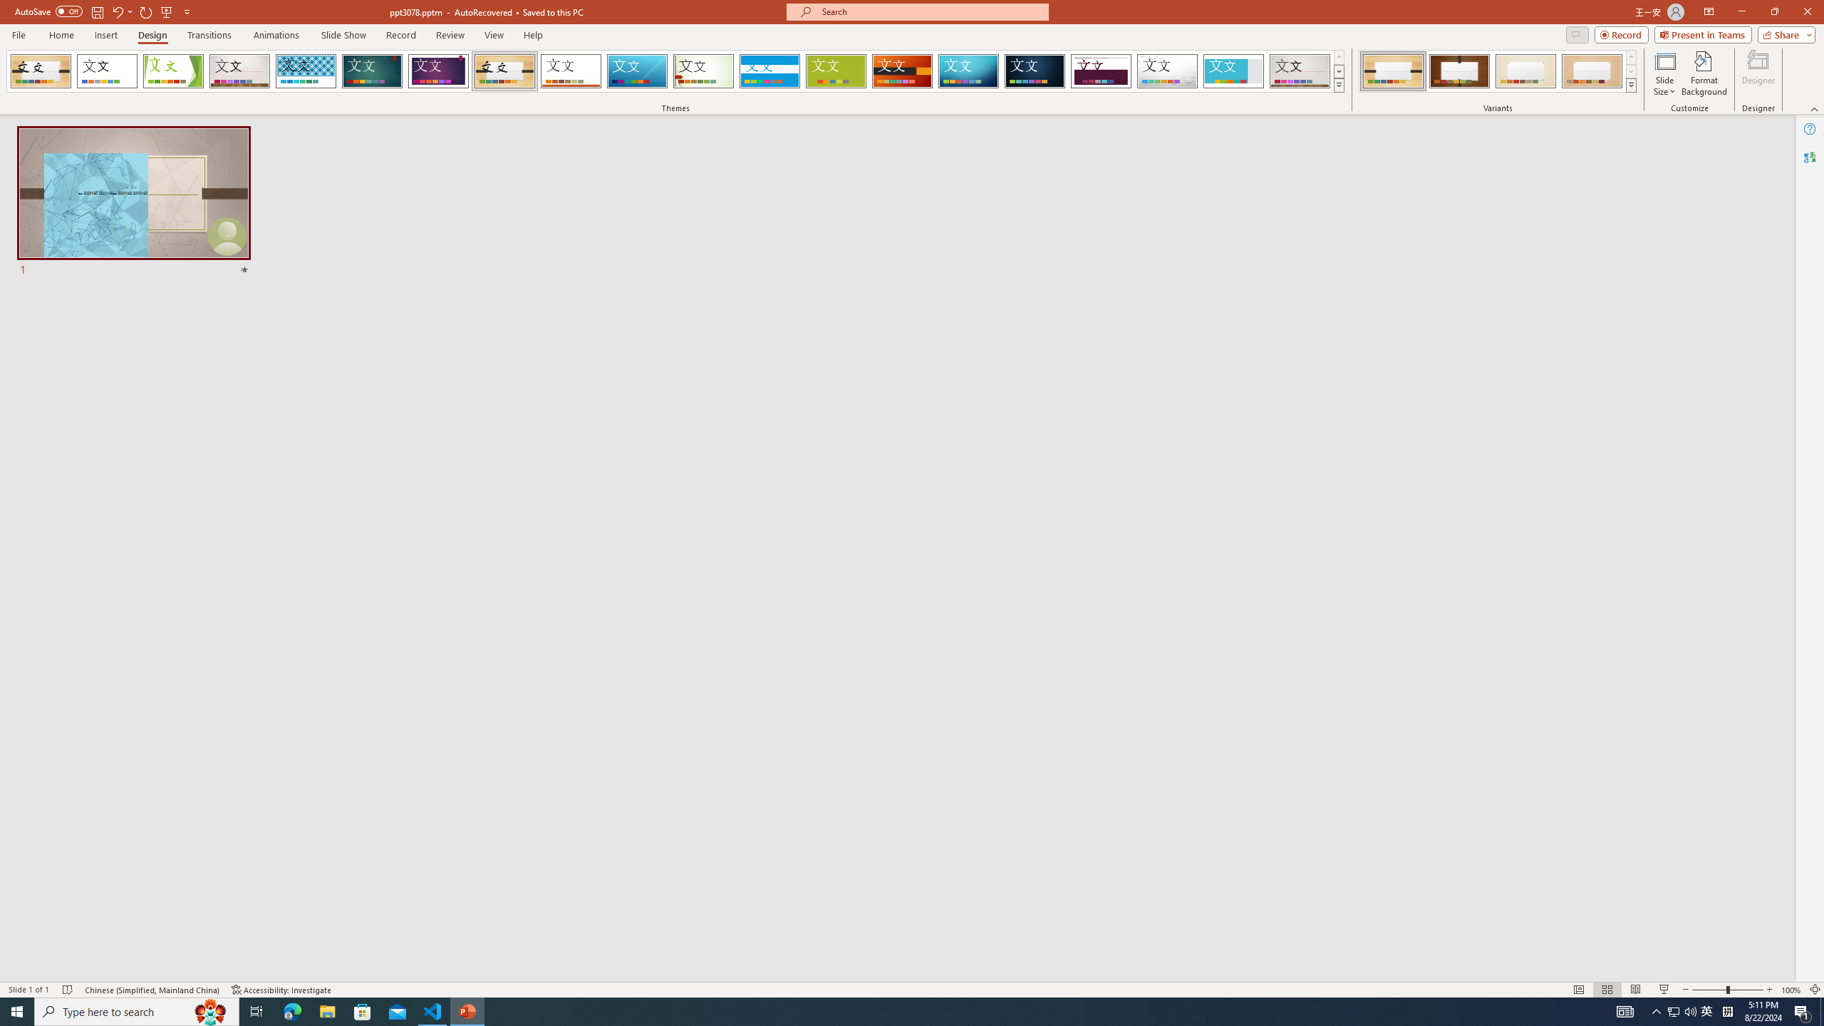 The image size is (1824, 1026). What do you see at coordinates (1792, 990) in the screenshot?
I see `'Zoom 100%'` at bounding box center [1792, 990].